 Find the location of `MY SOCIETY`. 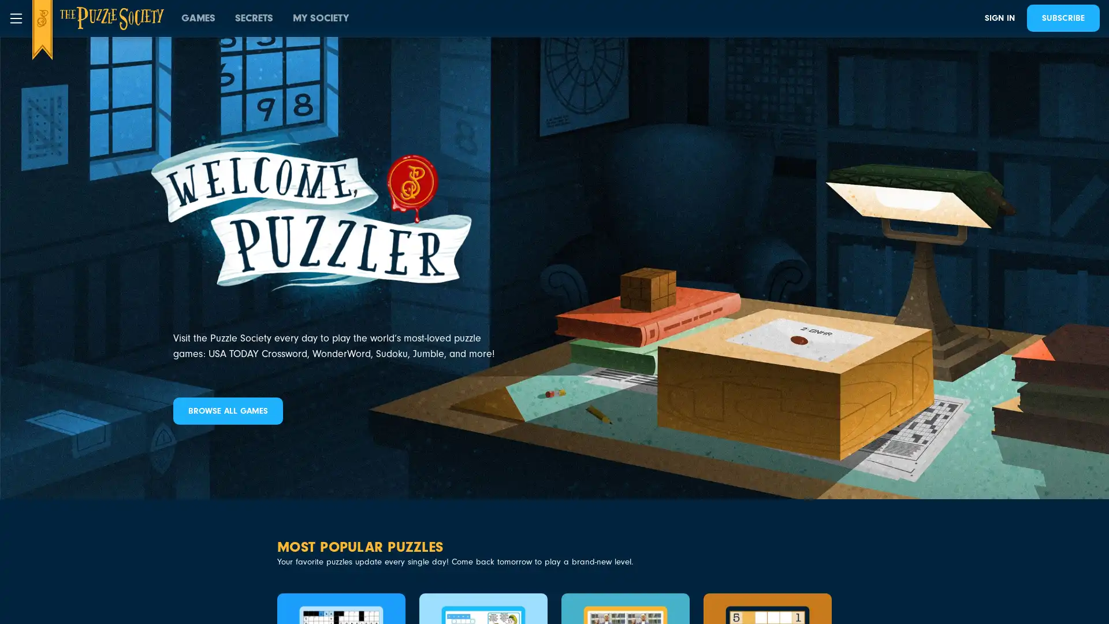

MY SOCIETY is located at coordinates (321, 18).